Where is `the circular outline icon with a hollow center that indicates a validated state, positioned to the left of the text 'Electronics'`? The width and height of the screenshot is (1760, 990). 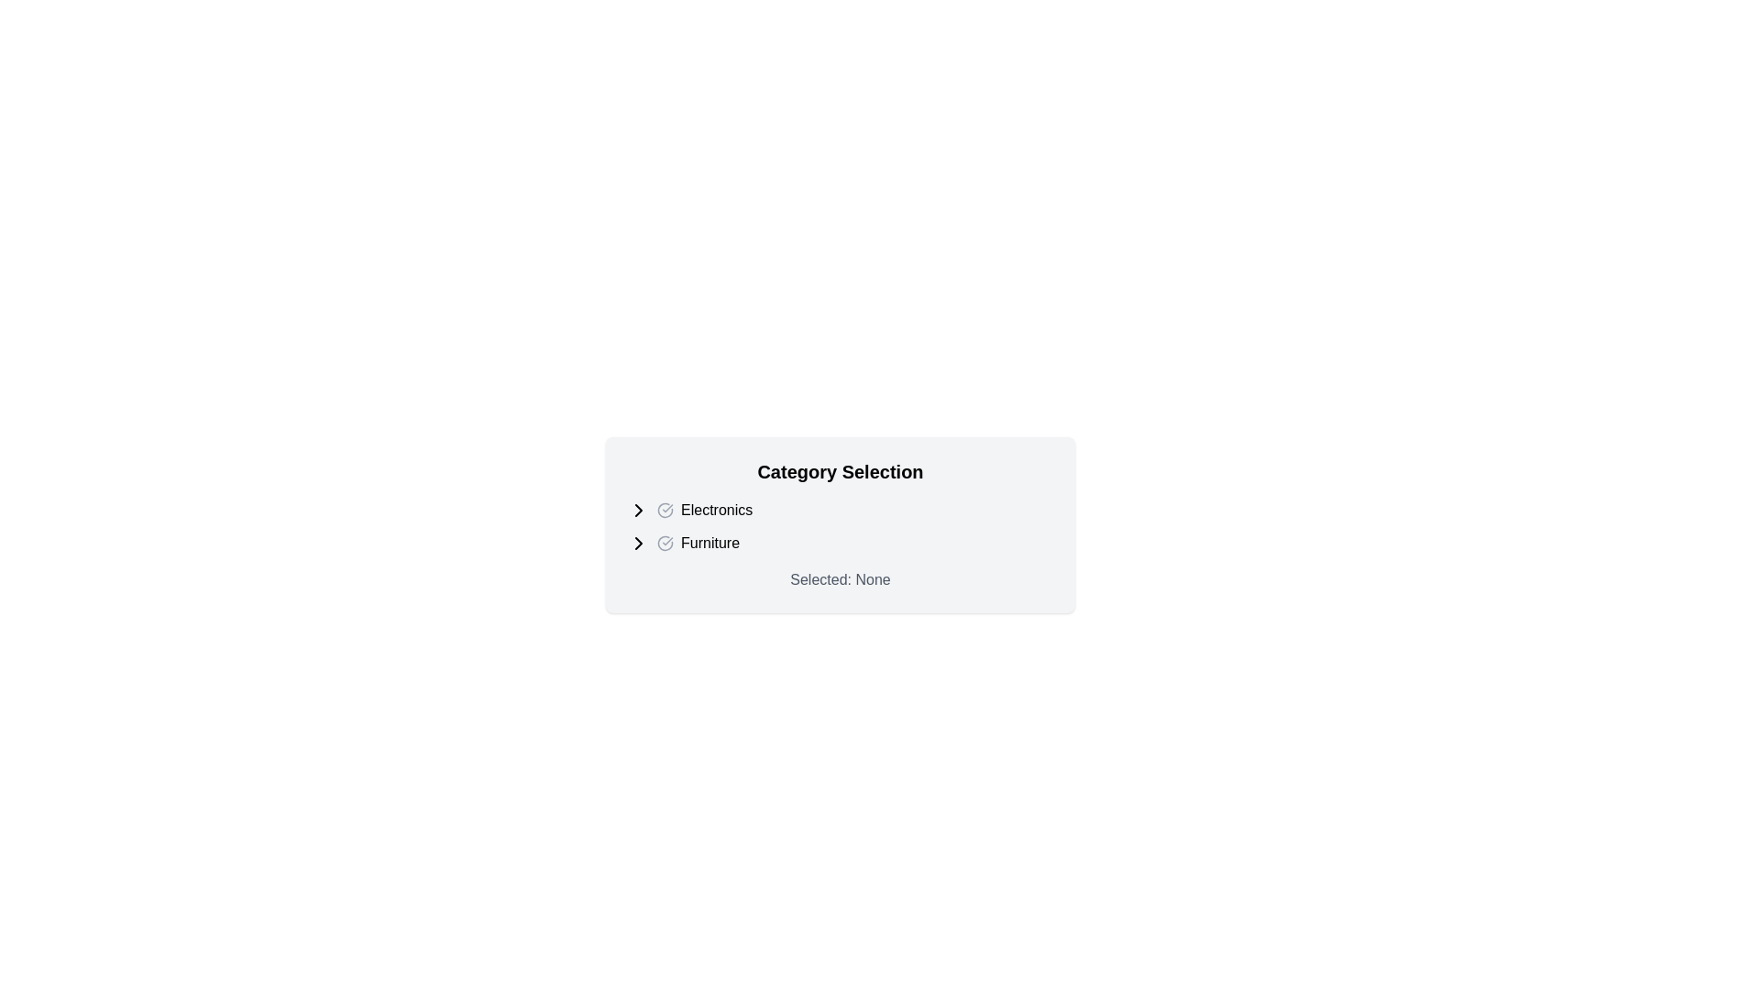
the circular outline icon with a hollow center that indicates a validated state, positioned to the left of the text 'Electronics' is located at coordinates (664, 510).